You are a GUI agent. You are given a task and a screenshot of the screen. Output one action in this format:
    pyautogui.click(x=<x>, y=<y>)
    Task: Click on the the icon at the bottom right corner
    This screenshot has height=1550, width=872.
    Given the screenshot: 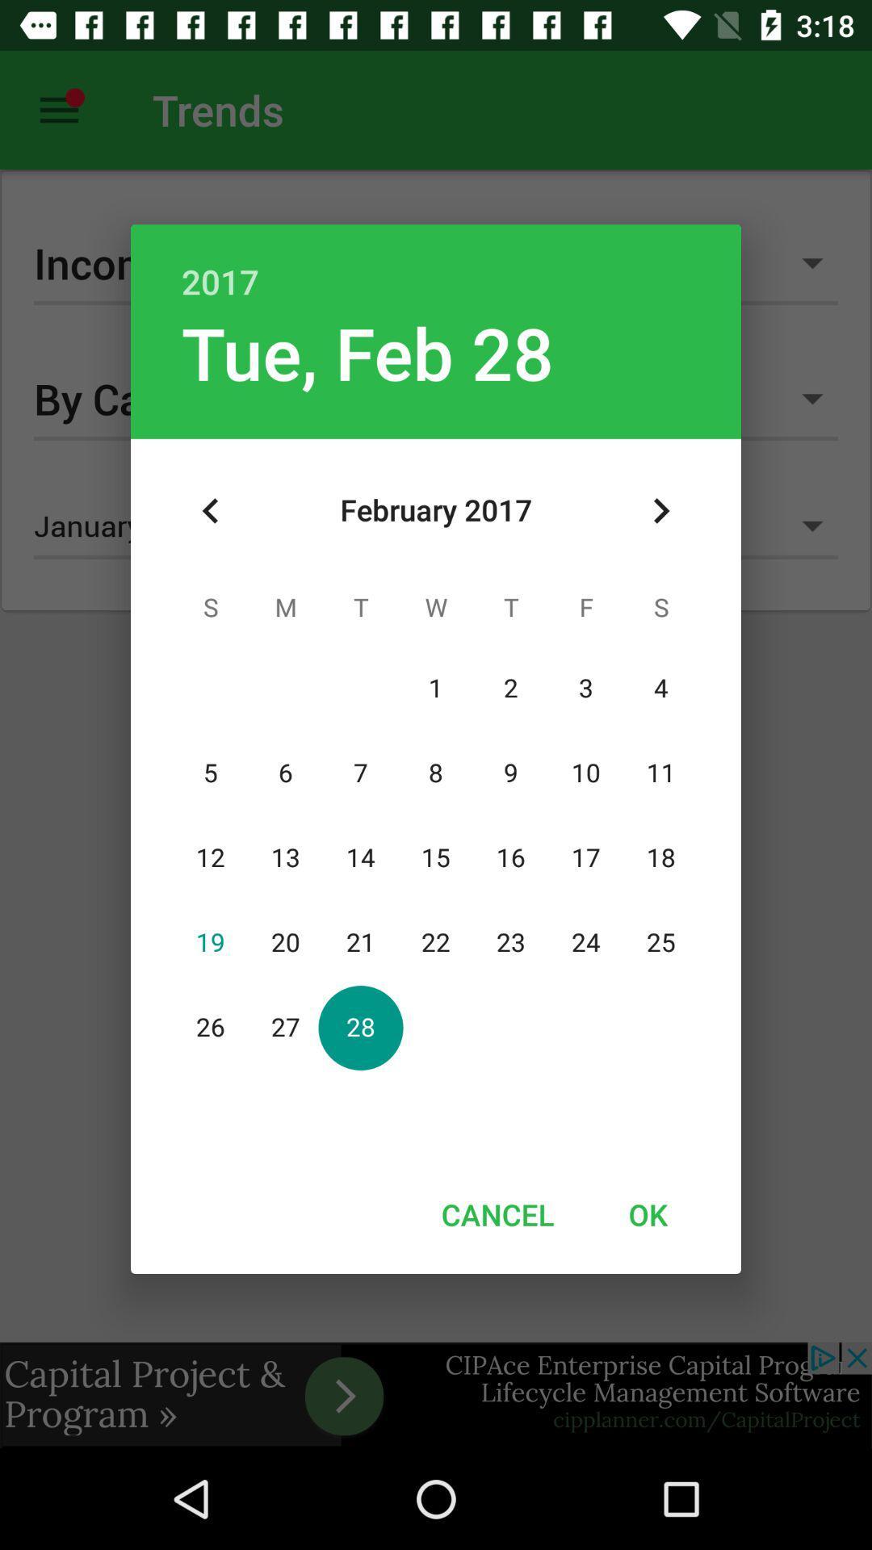 What is the action you would take?
    pyautogui.click(x=647, y=1214)
    